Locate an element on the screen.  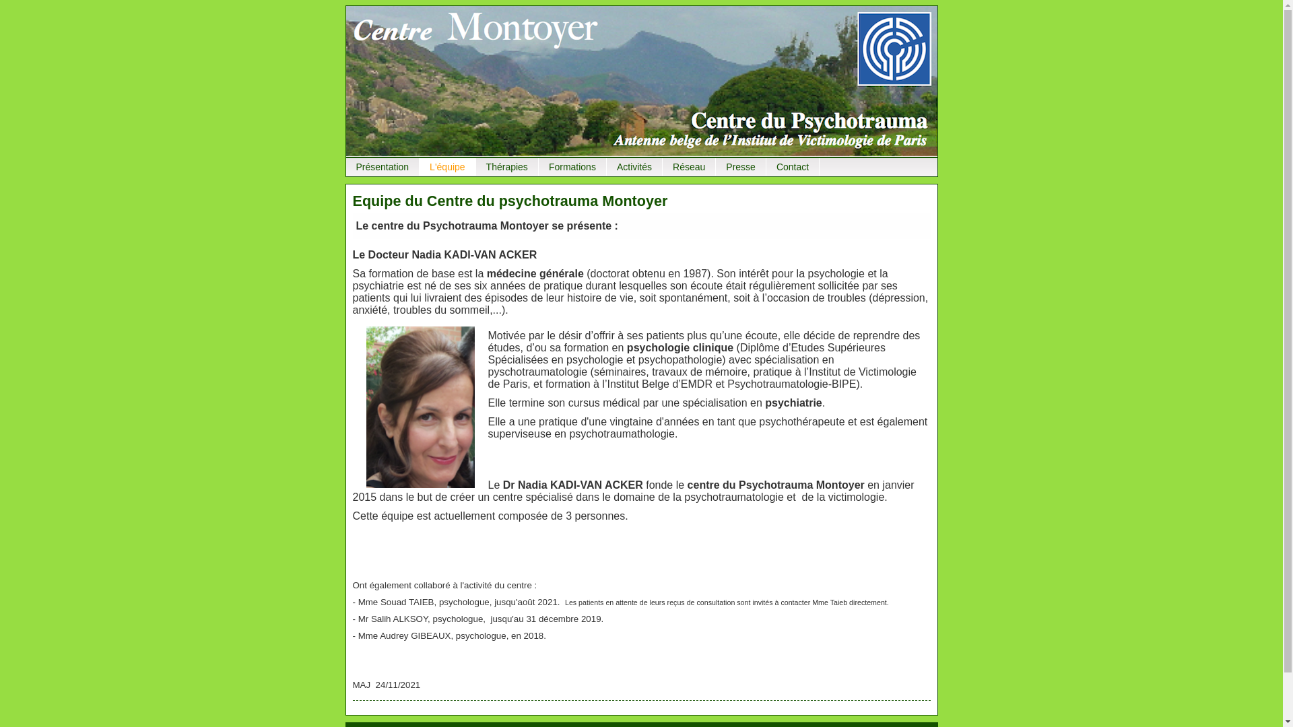
'Formations' is located at coordinates (572, 166).